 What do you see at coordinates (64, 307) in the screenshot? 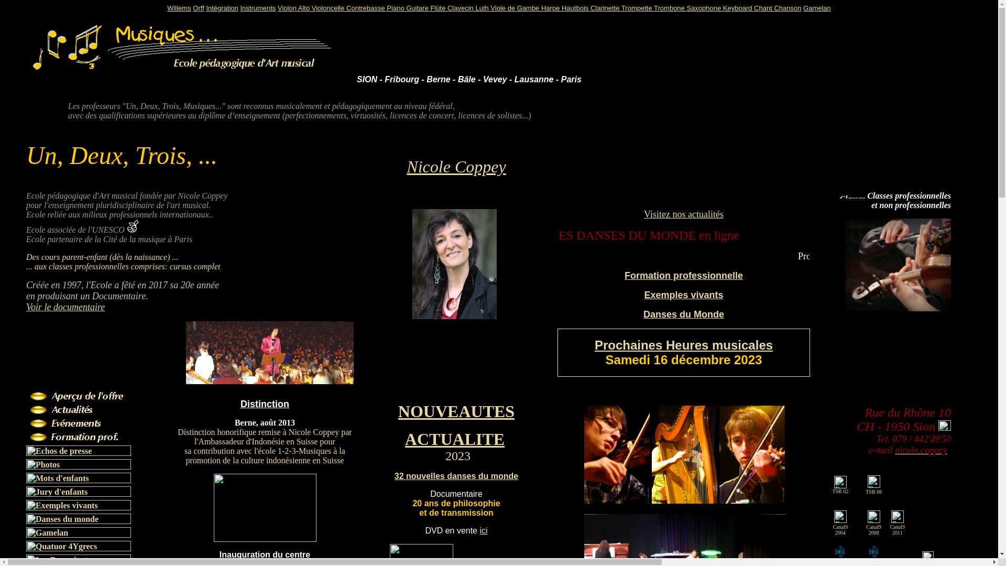
I see `'Voir le documentaire'` at bounding box center [64, 307].